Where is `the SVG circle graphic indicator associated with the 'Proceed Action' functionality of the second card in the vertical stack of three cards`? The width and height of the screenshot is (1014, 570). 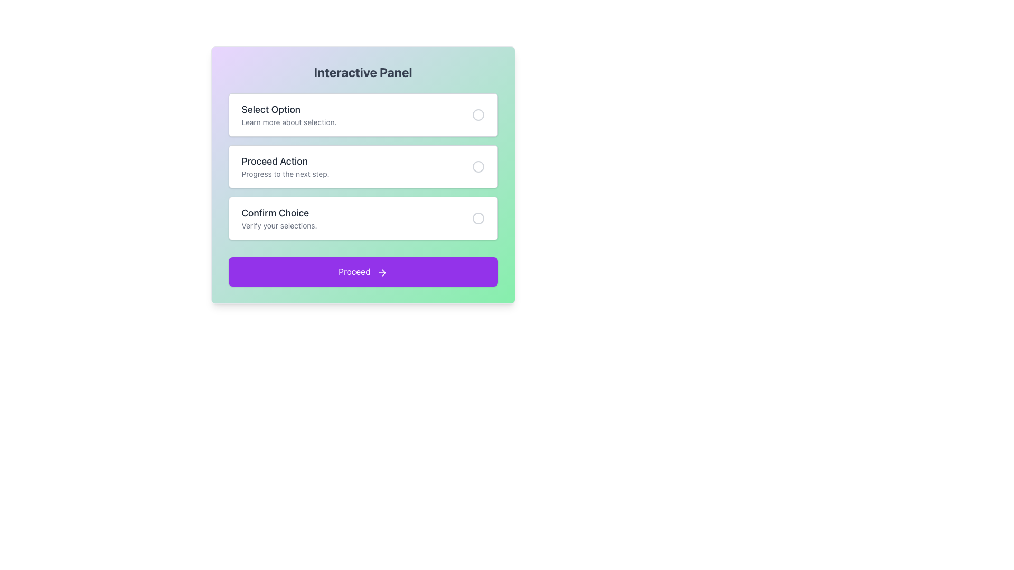 the SVG circle graphic indicator associated with the 'Proceed Action' functionality of the second card in the vertical stack of three cards is located at coordinates (477, 166).